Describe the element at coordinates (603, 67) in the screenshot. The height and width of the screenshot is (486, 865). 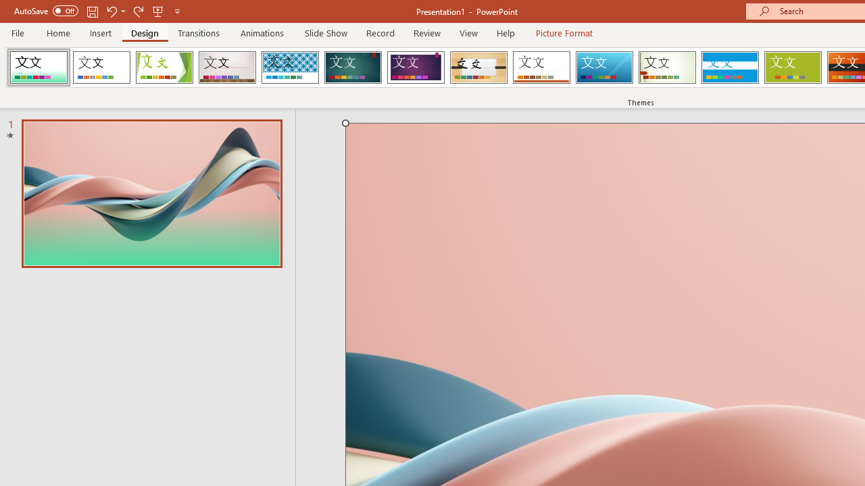
I see `'Slice'` at that location.